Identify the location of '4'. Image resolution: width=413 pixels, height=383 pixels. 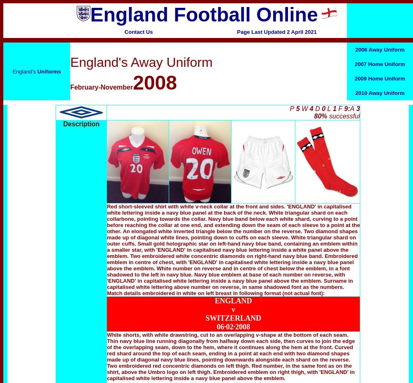
(311, 108).